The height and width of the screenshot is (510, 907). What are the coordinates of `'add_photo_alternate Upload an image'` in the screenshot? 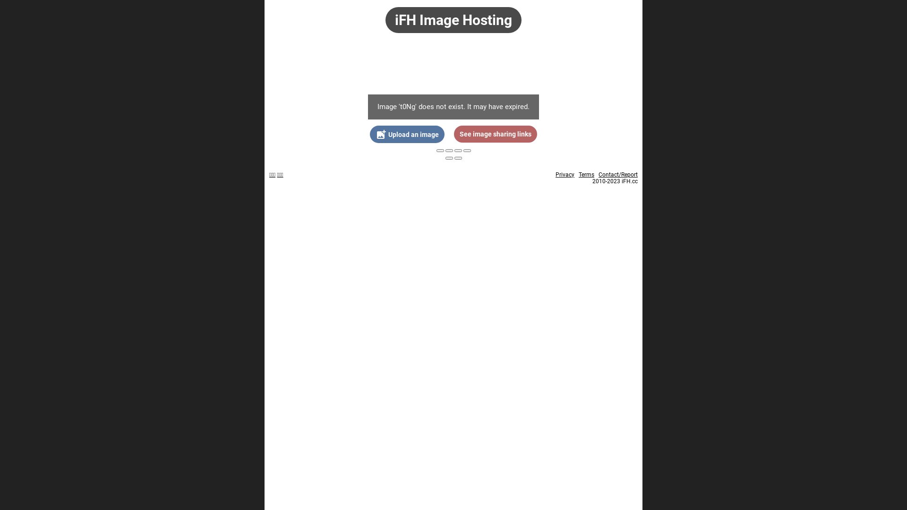 It's located at (407, 134).